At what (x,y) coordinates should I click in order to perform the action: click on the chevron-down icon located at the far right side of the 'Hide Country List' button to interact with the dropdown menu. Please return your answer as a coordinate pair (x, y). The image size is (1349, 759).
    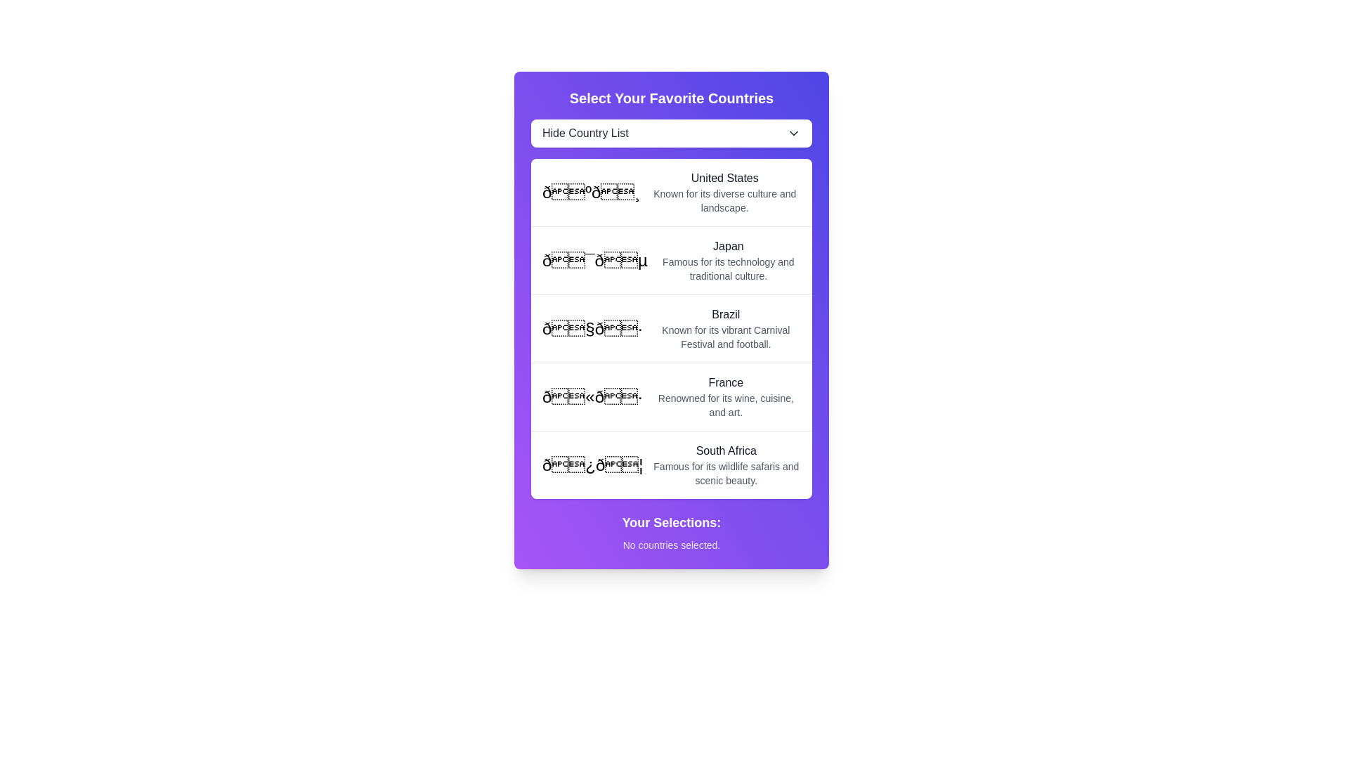
    Looking at the image, I should click on (793, 133).